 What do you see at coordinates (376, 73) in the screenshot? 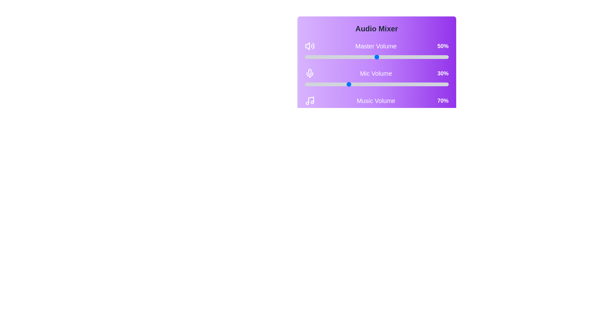
I see `the rounded rectangular panel with a gradient purple background that contains volume controls for 'Master Volume', 'Mic Volume', and 'Music Volume'` at bounding box center [376, 73].